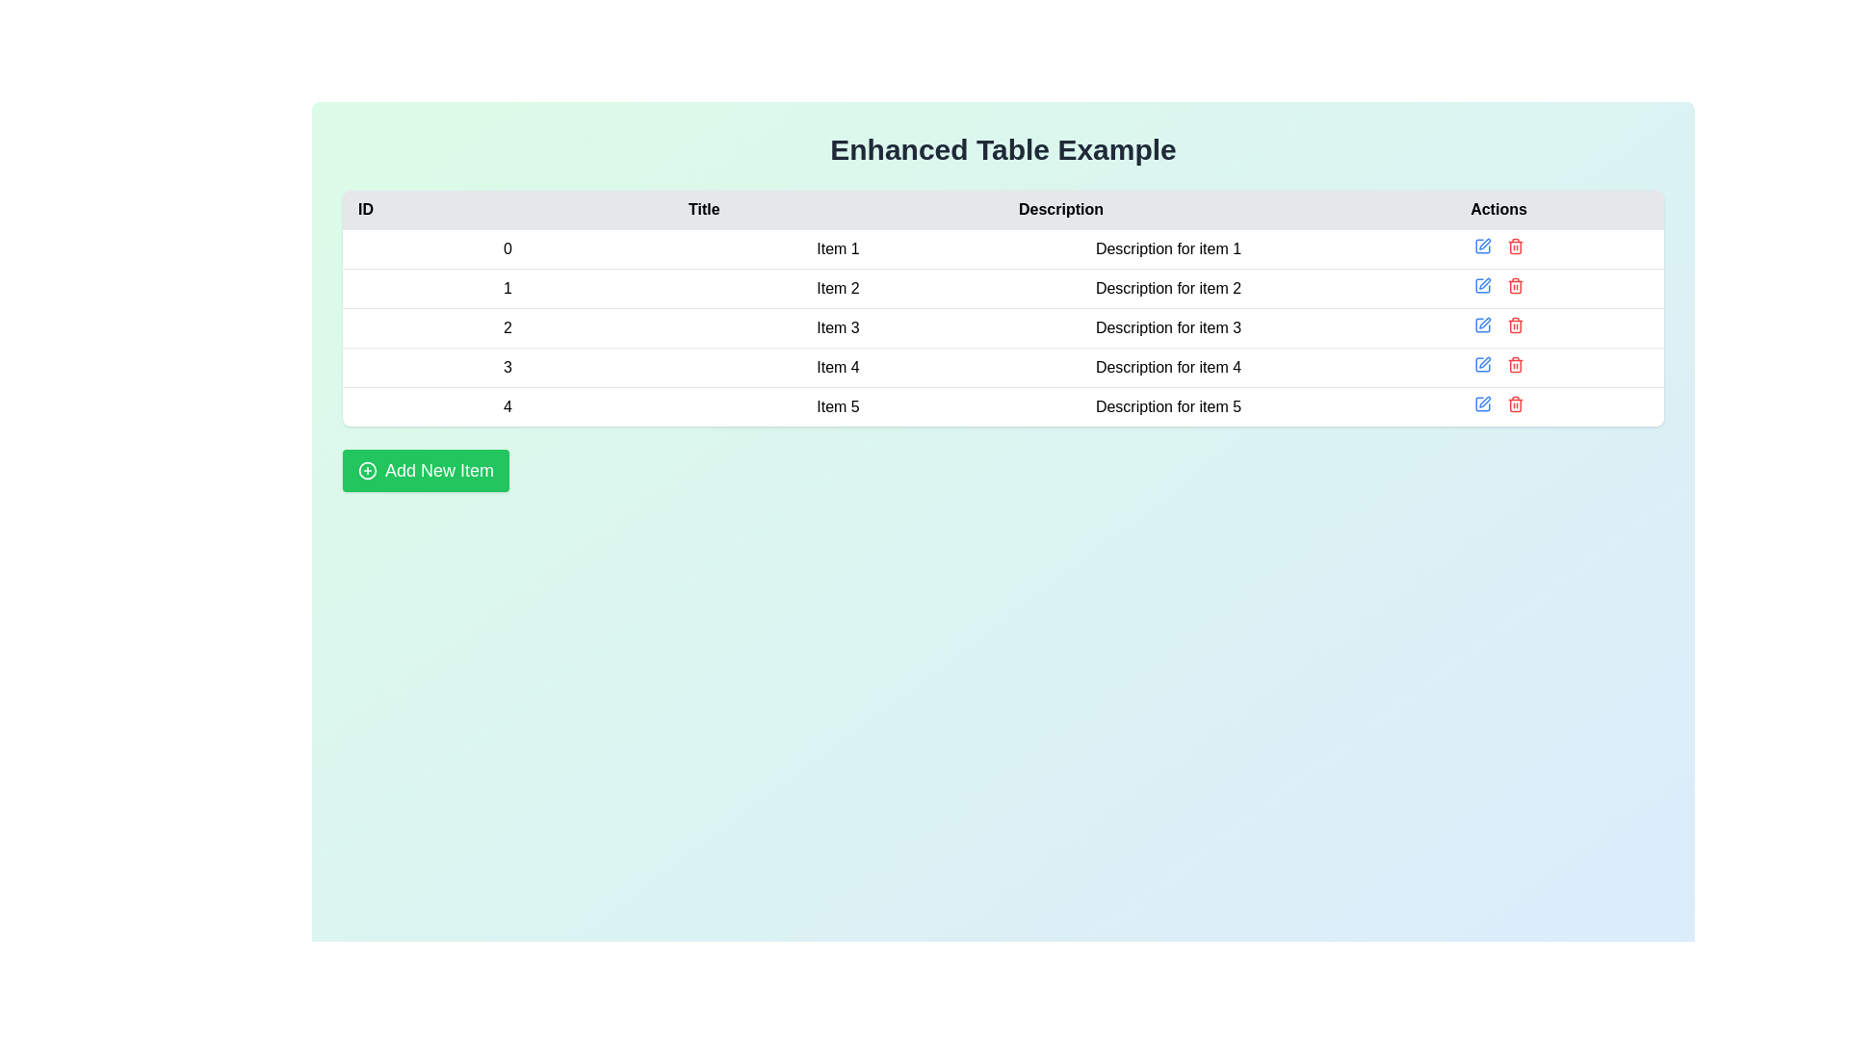 The image size is (1849, 1040). What do you see at coordinates (838, 326) in the screenshot?
I see `the static text label displaying 'Item 3', which is located in the second column of the third row of the table under the 'Title' header` at bounding box center [838, 326].